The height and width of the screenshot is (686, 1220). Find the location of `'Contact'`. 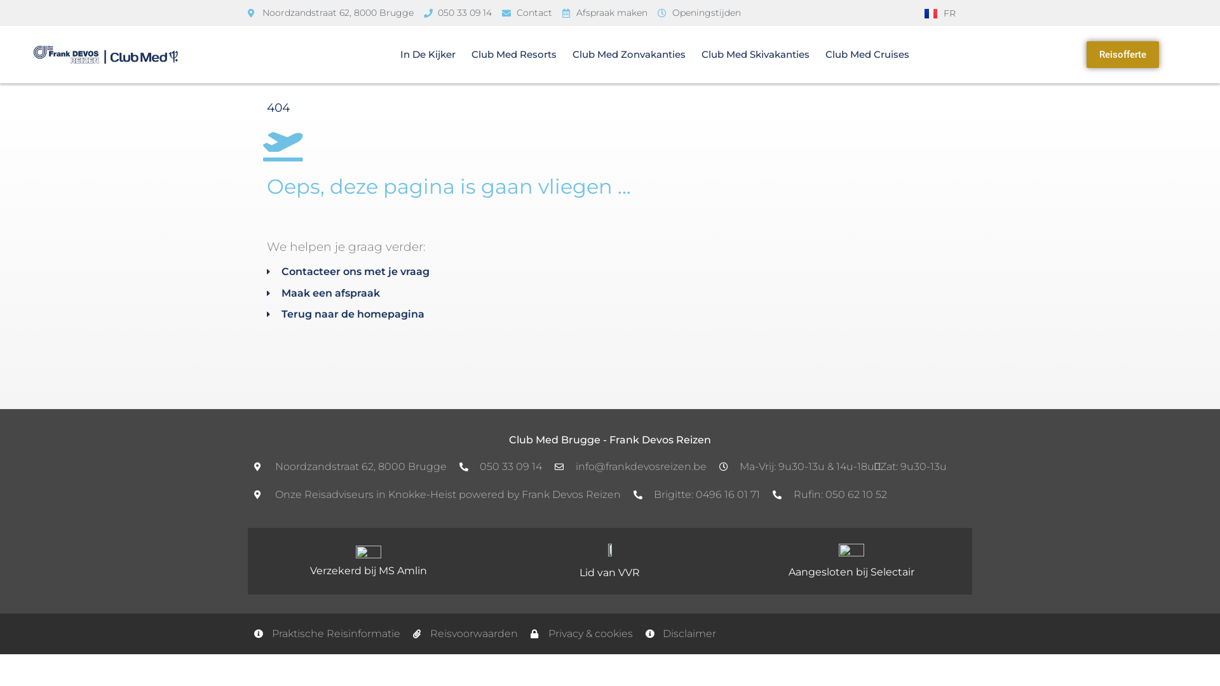

'Contact' is located at coordinates (527, 13).